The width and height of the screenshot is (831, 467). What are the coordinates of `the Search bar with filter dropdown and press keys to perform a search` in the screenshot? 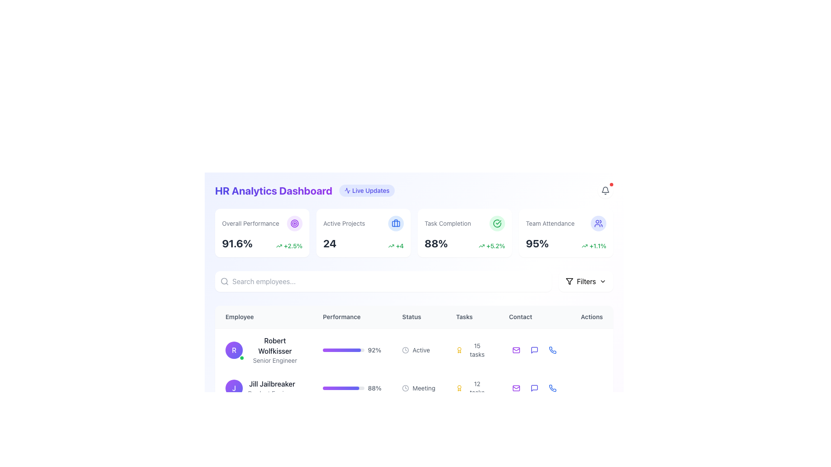 It's located at (413, 281).